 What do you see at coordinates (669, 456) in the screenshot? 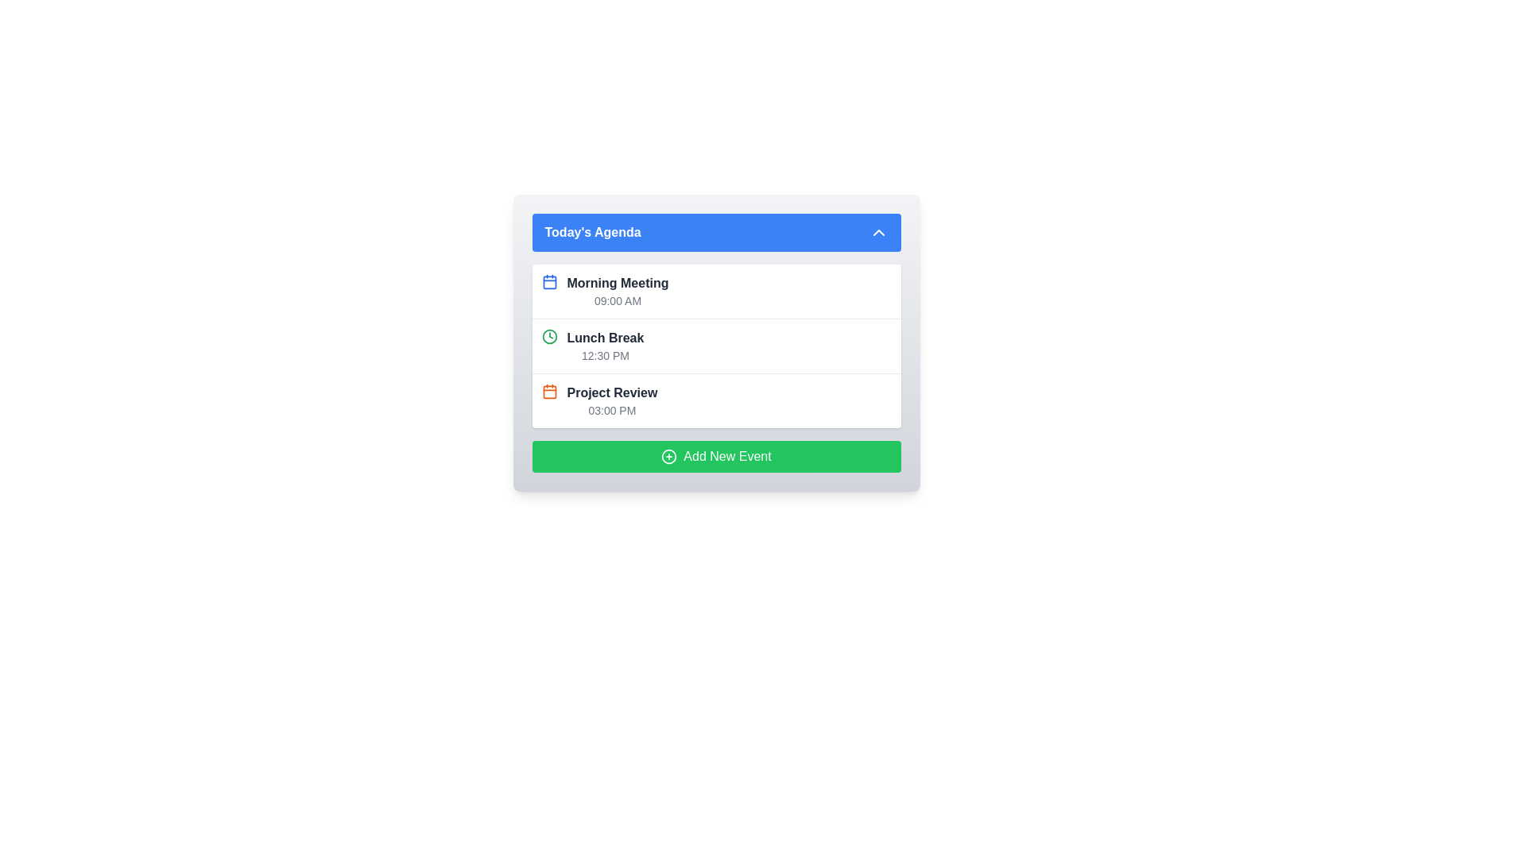
I see `the icon located on the far left side of the 'Add New Event' button, which serves as a visual indicator for creating a new event` at bounding box center [669, 456].